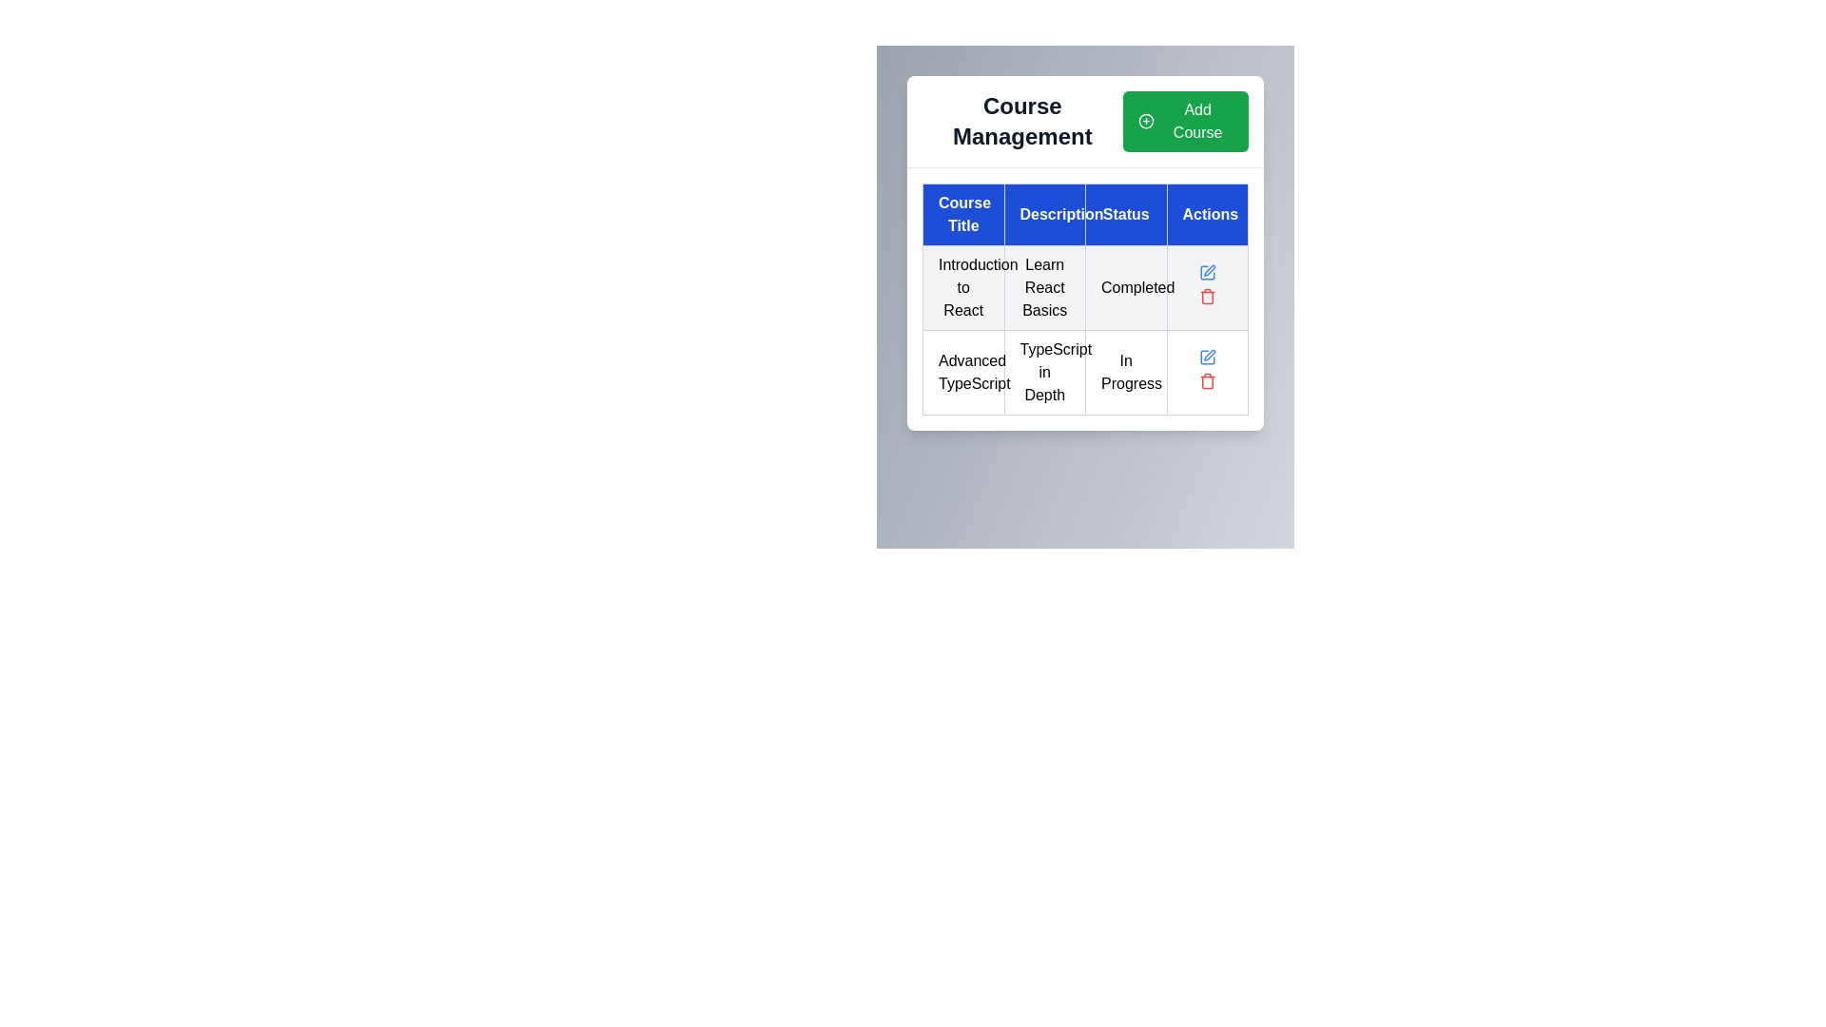 The image size is (1826, 1027). Describe the element at coordinates (1085, 373) in the screenshot. I see `the second row in the table under the 'Course Management' section, which contains the texts 'Advanced TypeScript', 'TypeScript in Depth', and 'In Progress'` at that location.